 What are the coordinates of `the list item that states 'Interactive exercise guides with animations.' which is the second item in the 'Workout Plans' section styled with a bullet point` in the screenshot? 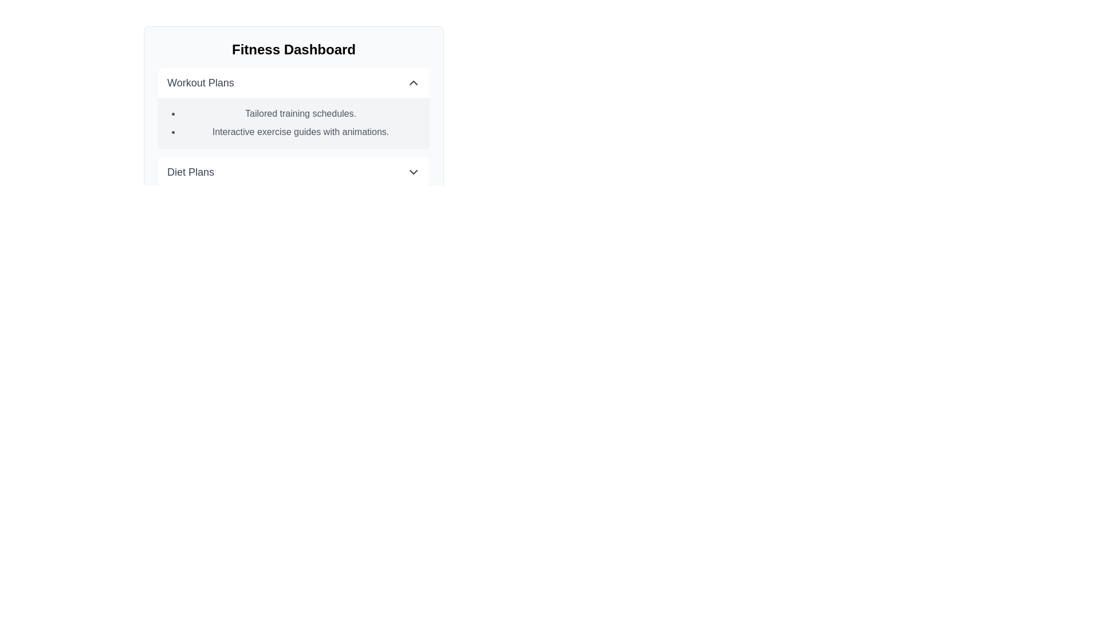 It's located at (300, 132).